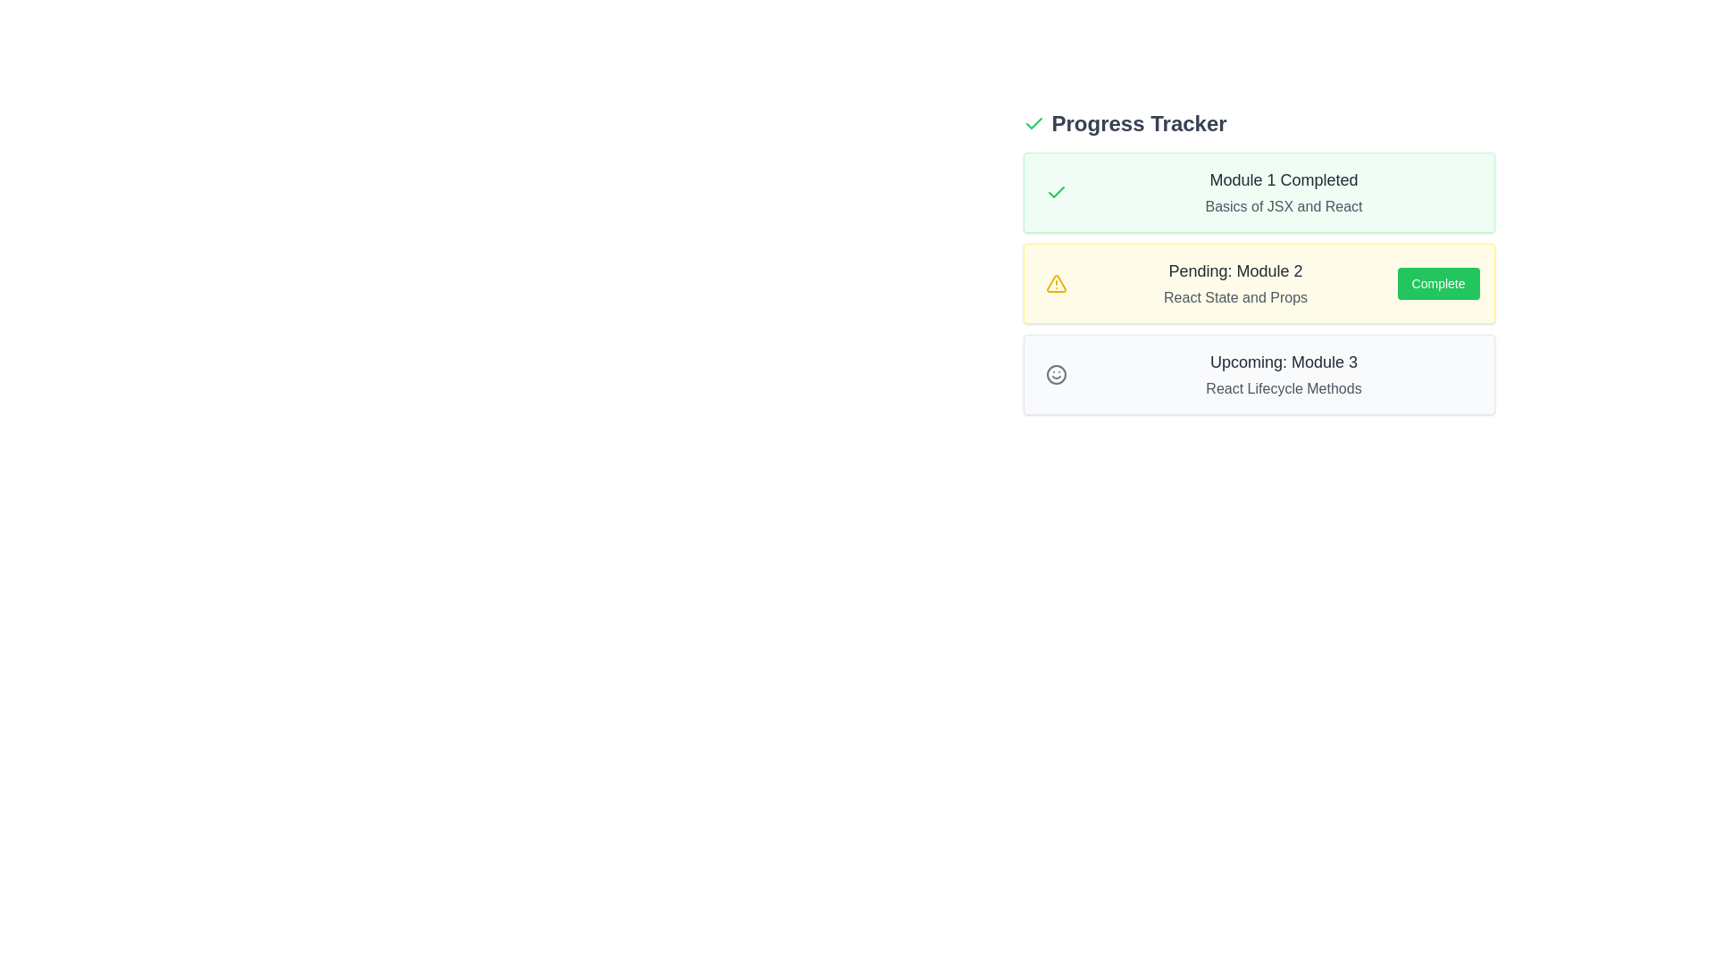 The height and width of the screenshot is (964, 1715). What do you see at coordinates (1056, 282) in the screenshot?
I see `the graphic icon that indicates a pending or warning status, positioned to the left of the text 'Pending: Module 2' in the second row of the progress tracker card` at bounding box center [1056, 282].